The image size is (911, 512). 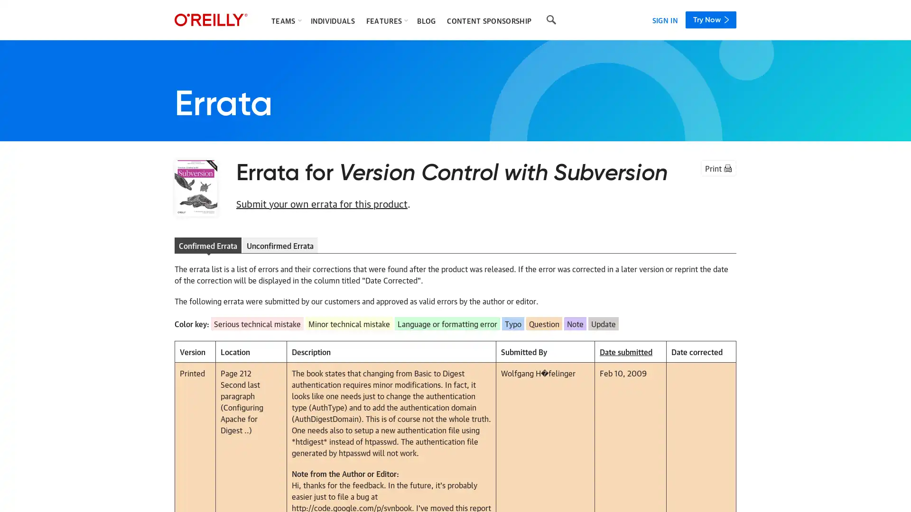 I want to click on Search, so click(x=551, y=20).